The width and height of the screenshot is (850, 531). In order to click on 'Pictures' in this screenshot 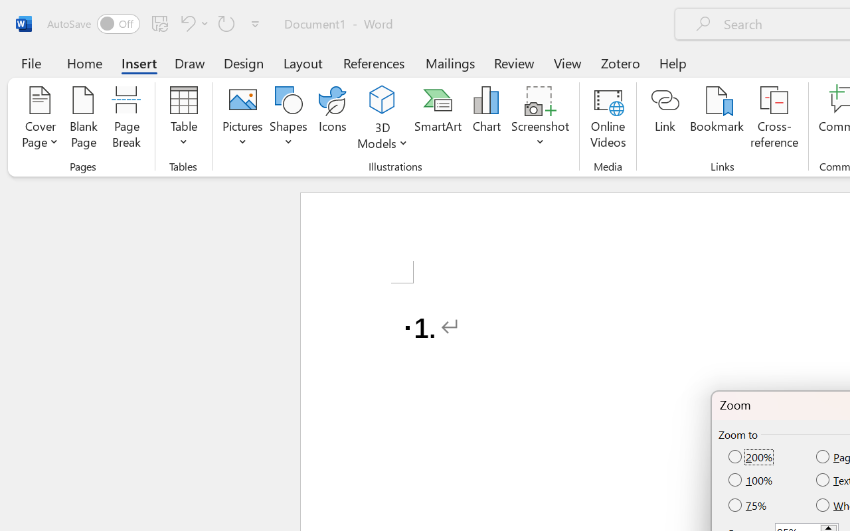, I will do `click(242, 119)`.